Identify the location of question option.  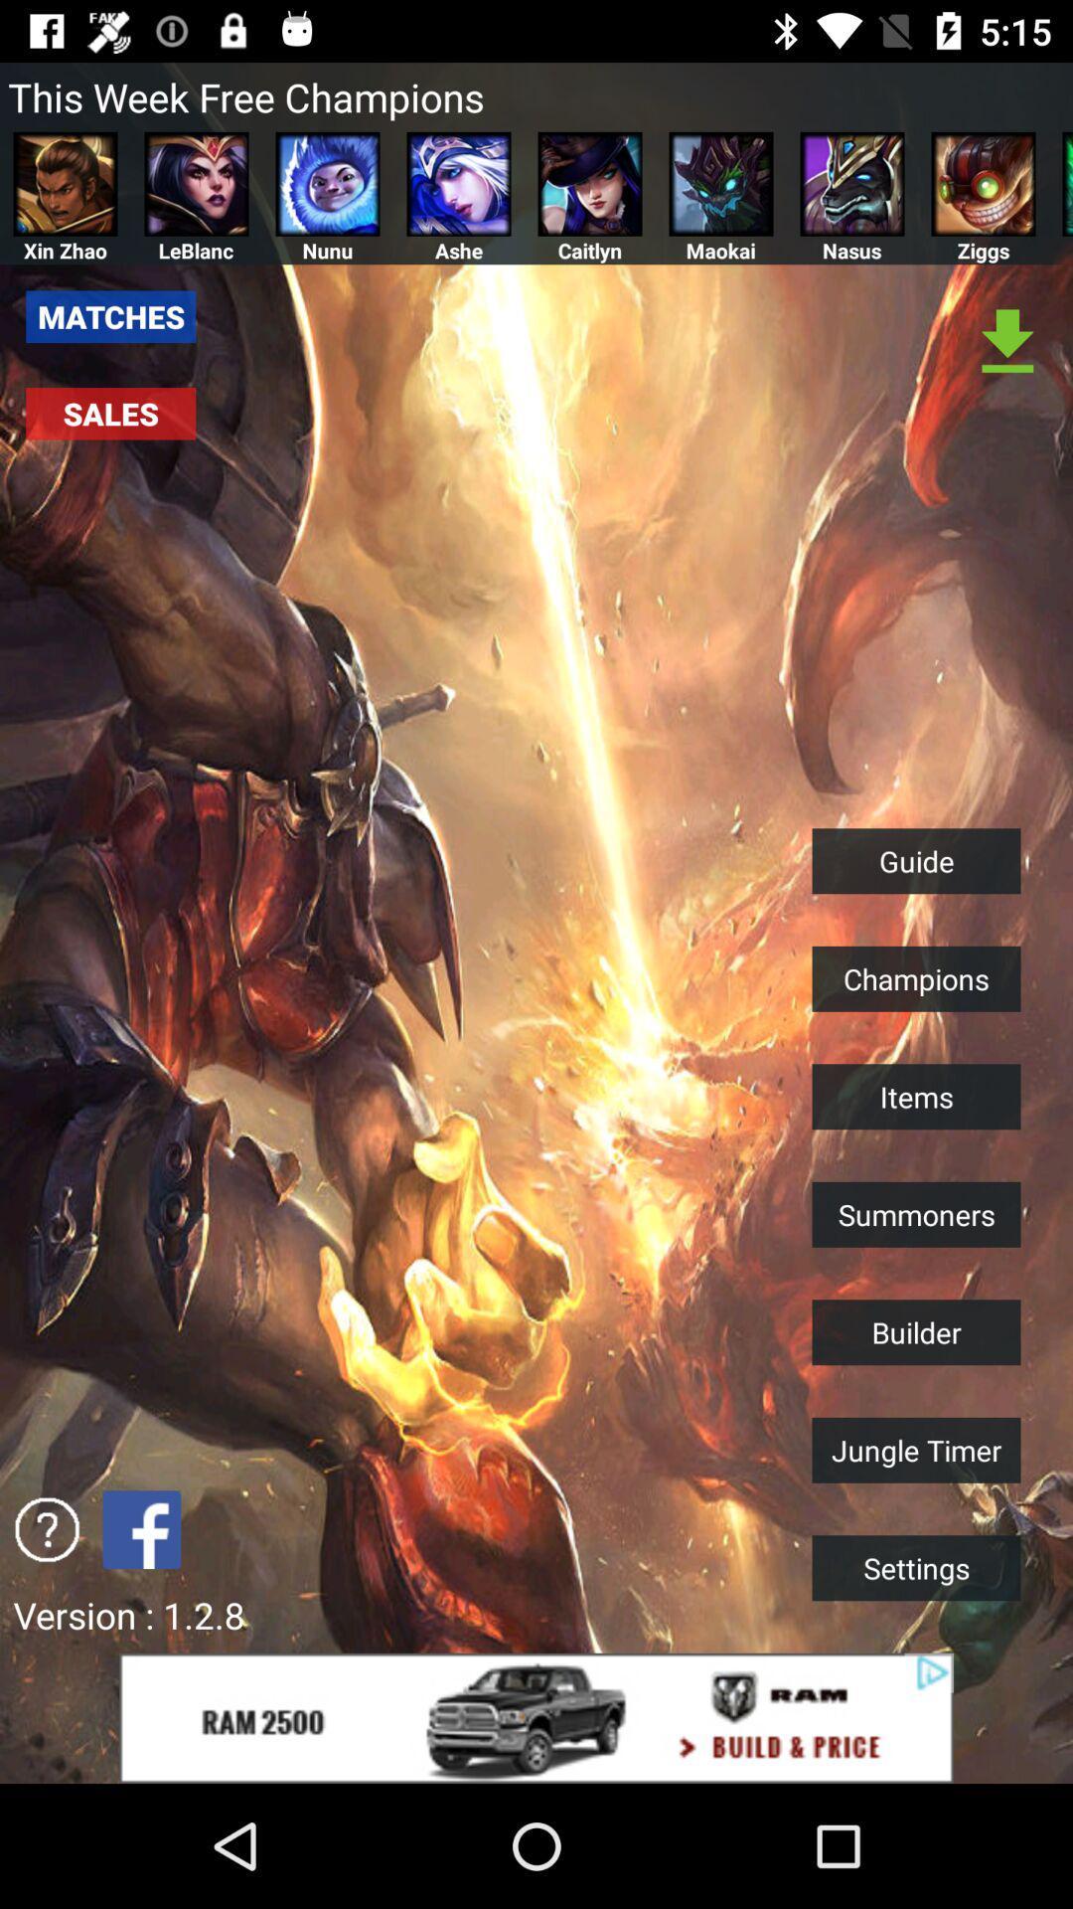
(46, 1528).